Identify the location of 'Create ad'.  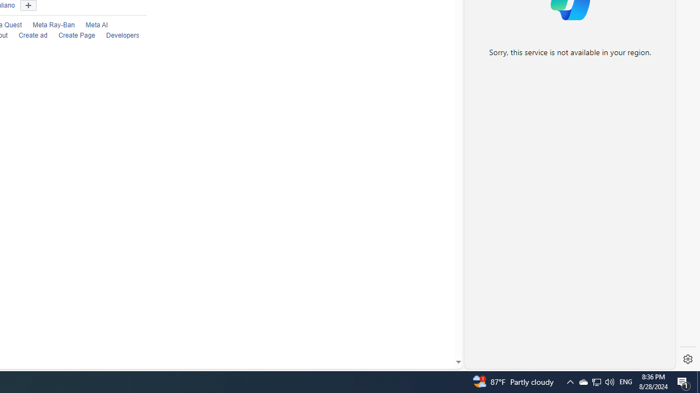
(33, 35).